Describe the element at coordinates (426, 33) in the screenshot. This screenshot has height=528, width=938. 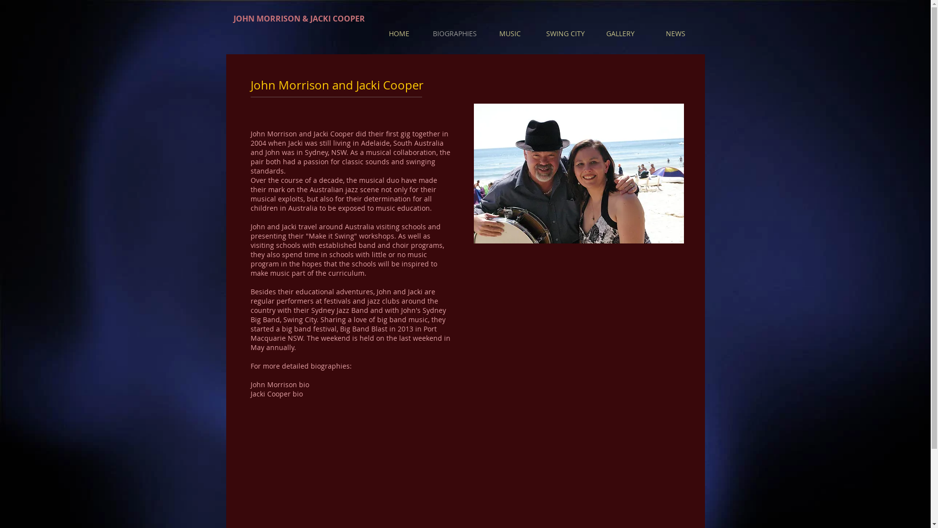
I see `'BIOGRAPHIES'` at that location.